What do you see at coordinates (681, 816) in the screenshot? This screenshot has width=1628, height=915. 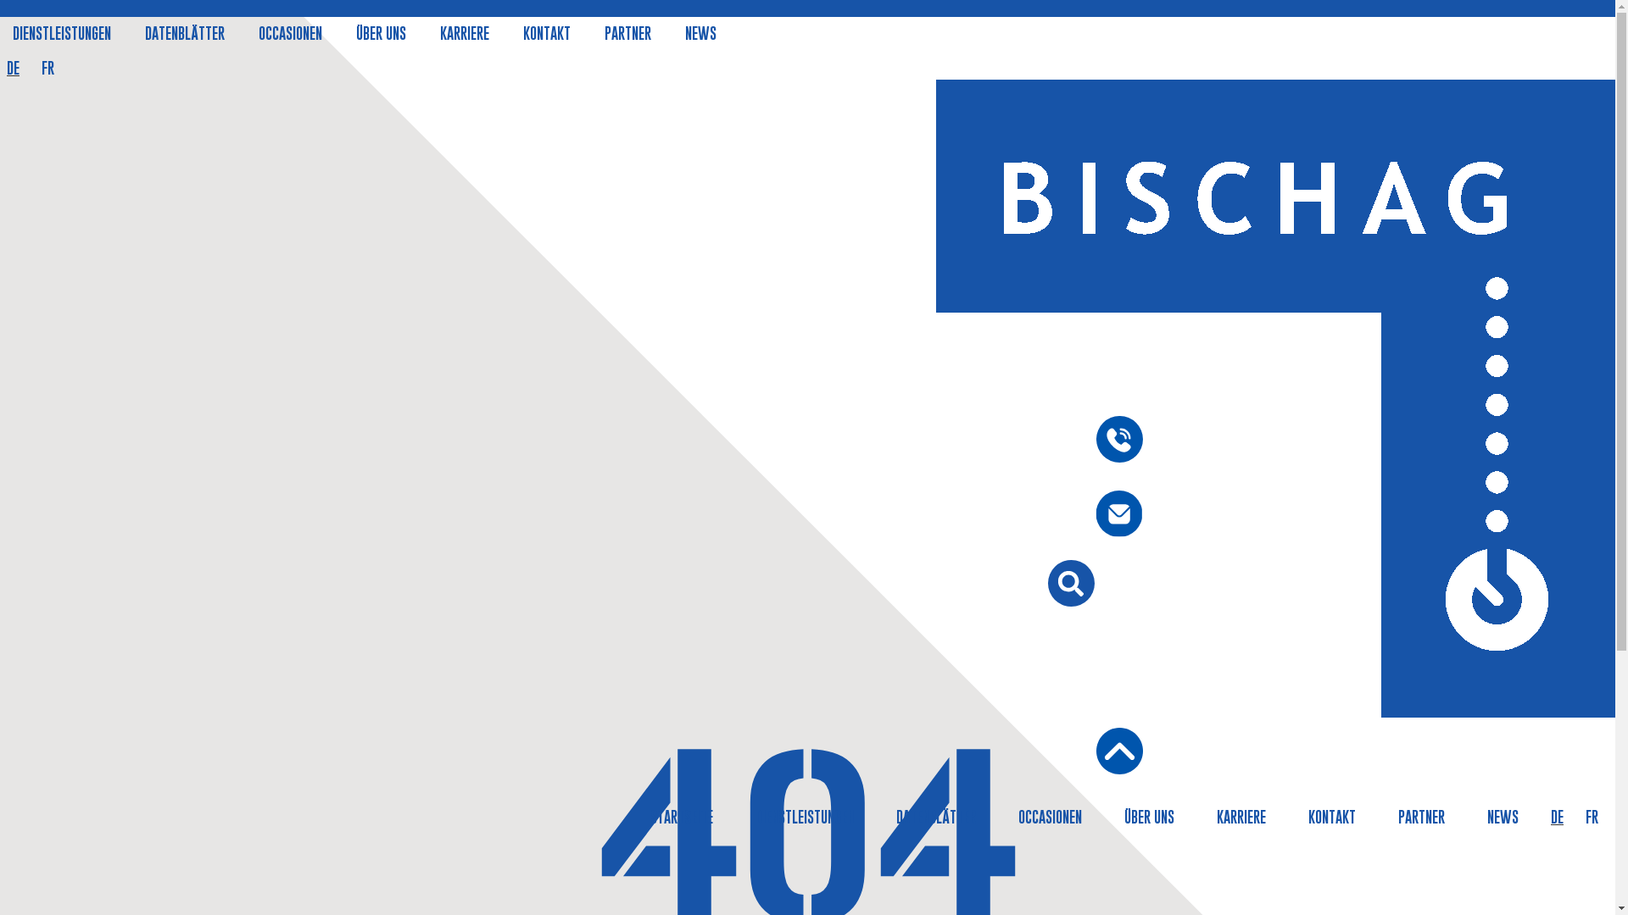 I see `'STARTSEITE'` at bounding box center [681, 816].